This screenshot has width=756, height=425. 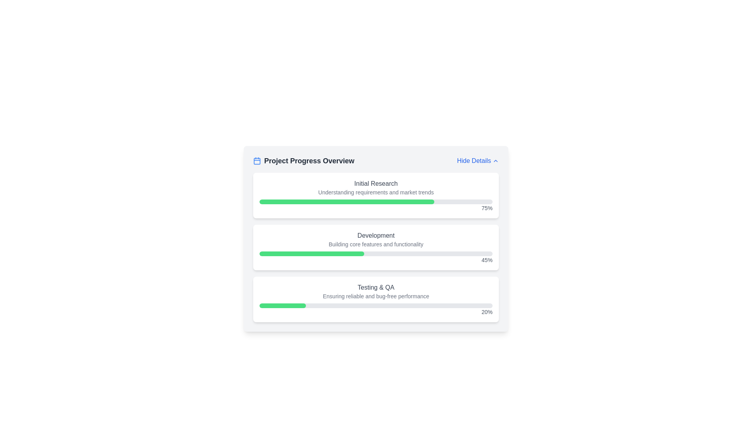 What do you see at coordinates (283, 305) in the screenshot?
I see `the filled portion of the third progress bar labeled 'Testing & QA', which visually indicates 20% completion of a task` at bounding box center [283, 305].